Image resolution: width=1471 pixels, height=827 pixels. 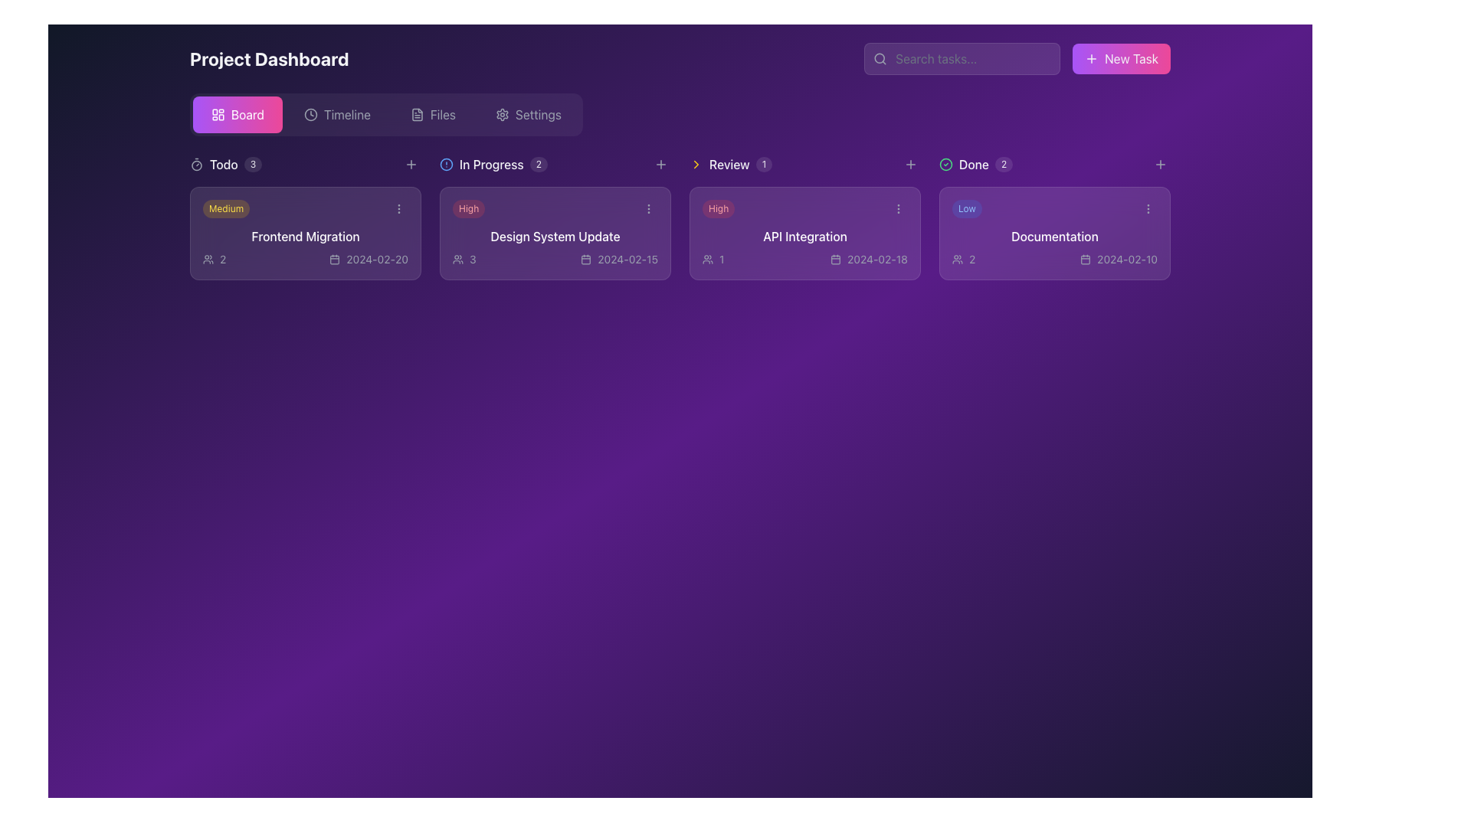 What do you see at coordinates (445, 165) in the screenshot?
I see `the alert icon located in the 'In Progress' section, positioned to the left of the 'In Progress' text and its numeric indicator '2', and to the right of the plus icon` at bounding box center [445, 165].